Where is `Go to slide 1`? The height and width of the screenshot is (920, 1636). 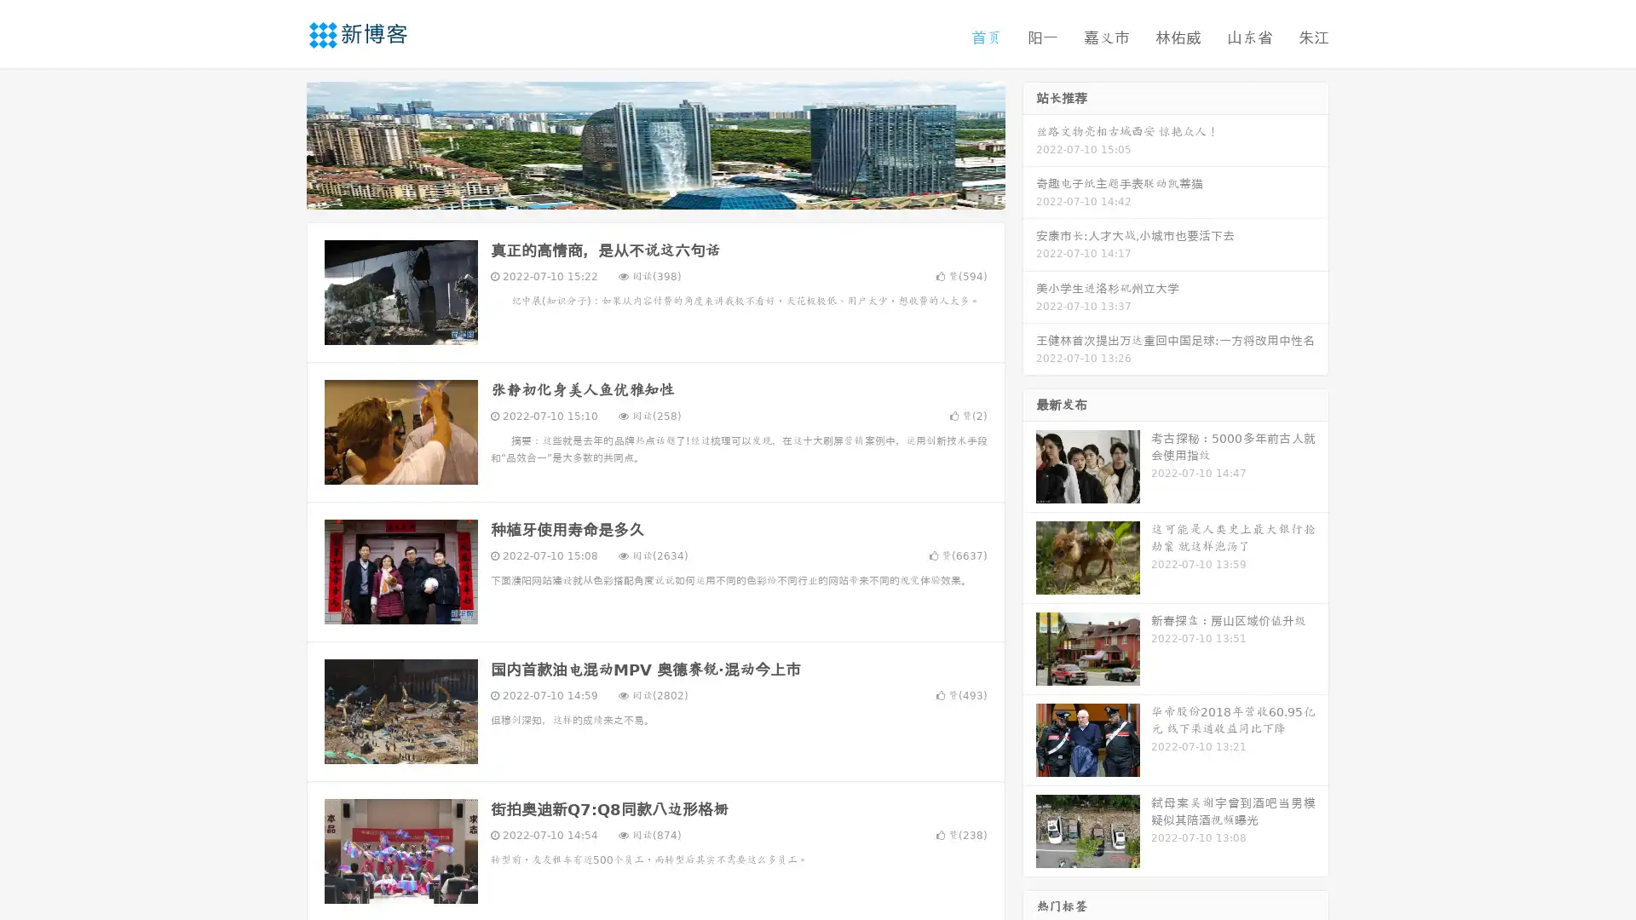
Go to slide 1 is located at coordinates (637, 192).